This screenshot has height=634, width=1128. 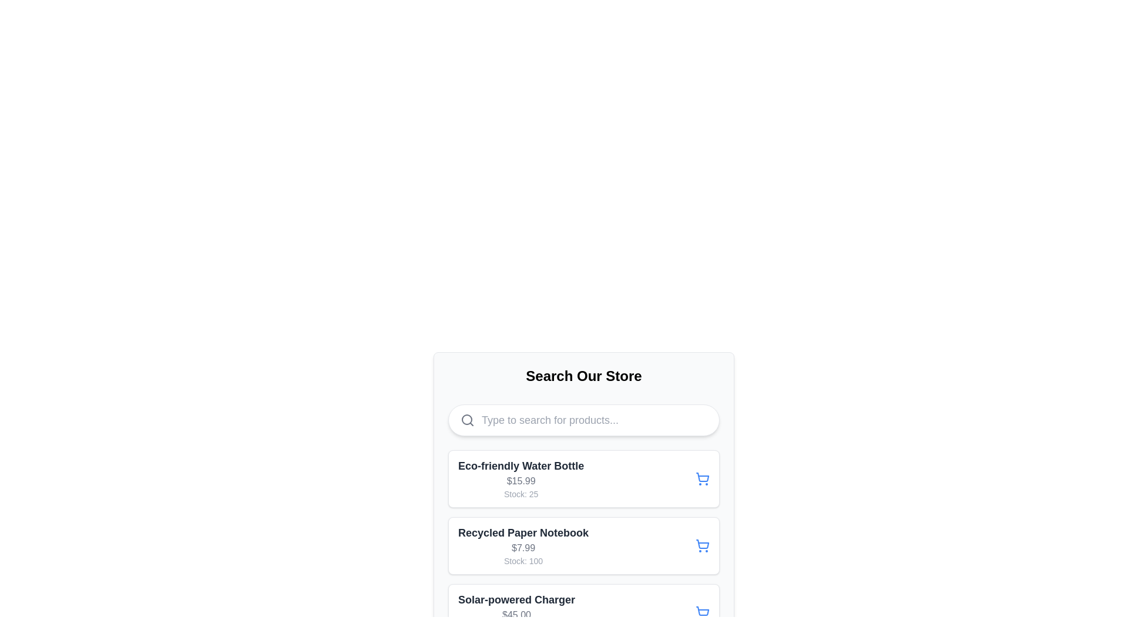 What do you see at coordinates (521, 494) in the screenshot?
I see `the text label displaying 'Stock: 25' located below the price of the 'Eco-friendly Water Bottle' product in the third row of the product description` at bounding box center [521, 494].